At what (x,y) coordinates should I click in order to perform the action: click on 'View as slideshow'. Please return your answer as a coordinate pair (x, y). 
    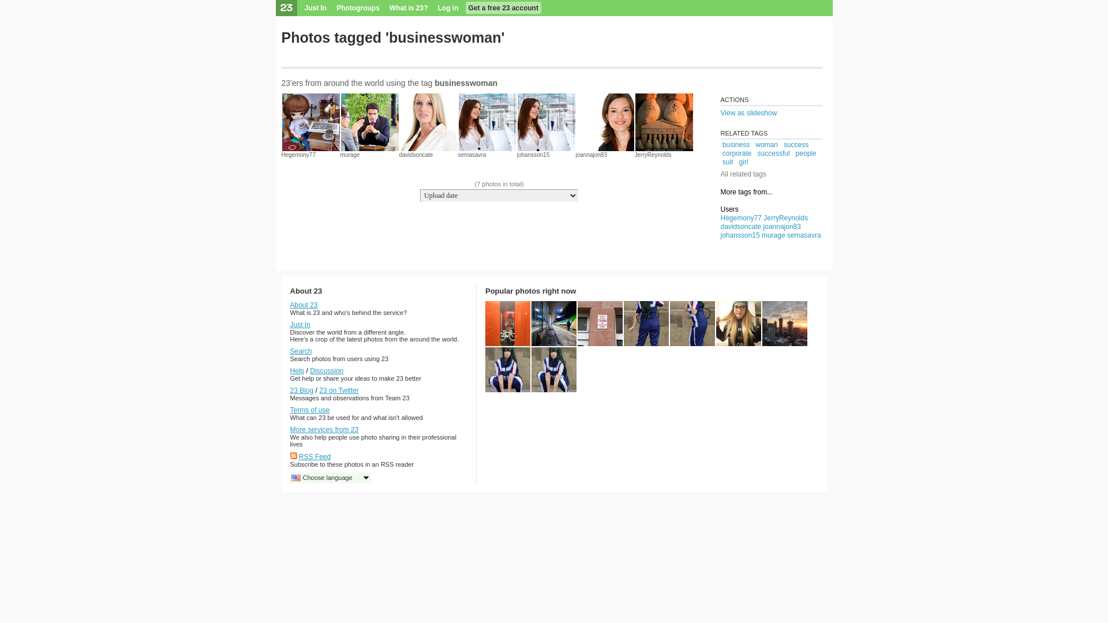
    Looking at the image, I should click on (720, 112).